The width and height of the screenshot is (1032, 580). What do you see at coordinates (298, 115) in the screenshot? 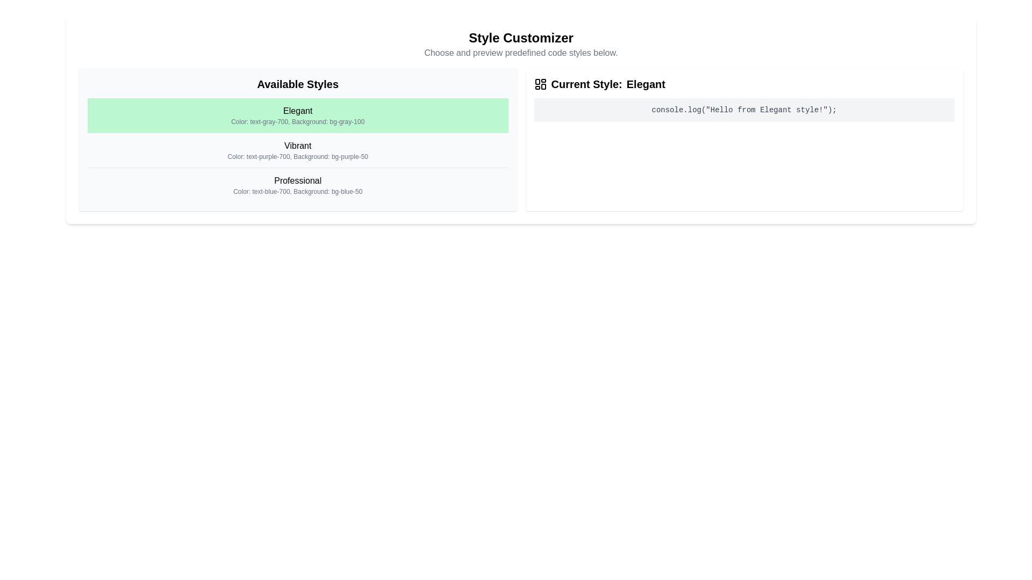
I see `the 'Elegant' selectable option in the 'Available Styles' section` at bounding box center [298, 115].